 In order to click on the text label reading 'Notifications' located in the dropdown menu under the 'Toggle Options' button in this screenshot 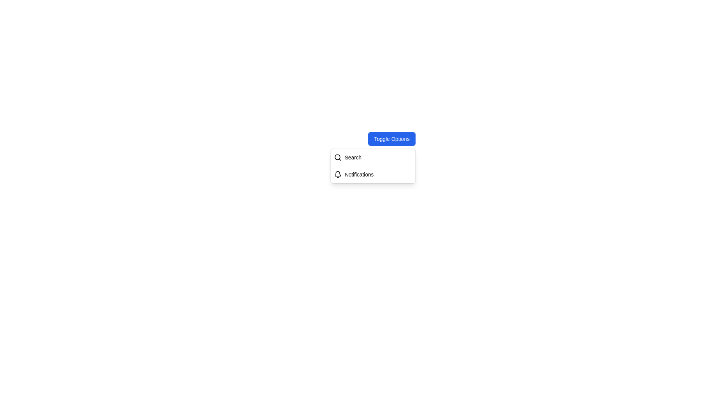, I will do `click(359, 175)`.